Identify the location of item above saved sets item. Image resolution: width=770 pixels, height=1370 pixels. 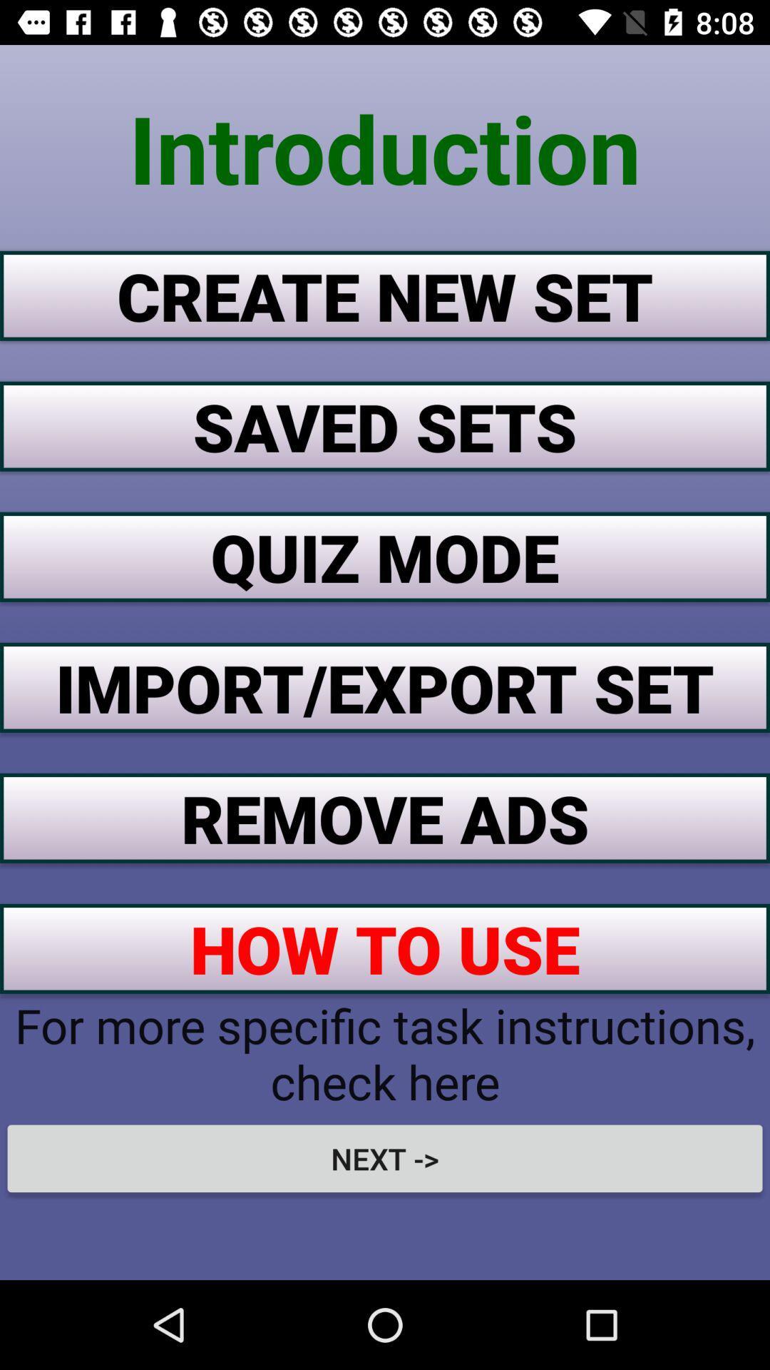
(385, 295).